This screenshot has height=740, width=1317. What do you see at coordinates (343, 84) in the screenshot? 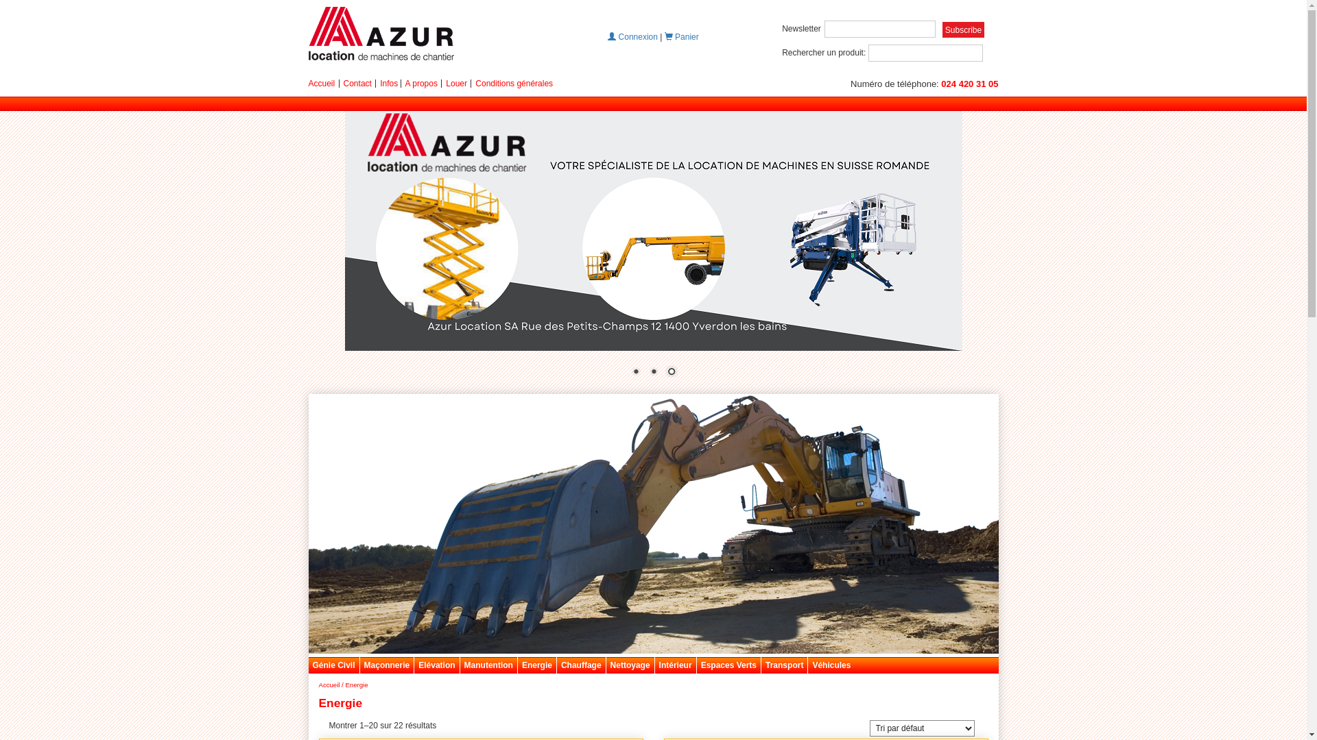
I see `'Contact'` at bounding box center [343, 84].